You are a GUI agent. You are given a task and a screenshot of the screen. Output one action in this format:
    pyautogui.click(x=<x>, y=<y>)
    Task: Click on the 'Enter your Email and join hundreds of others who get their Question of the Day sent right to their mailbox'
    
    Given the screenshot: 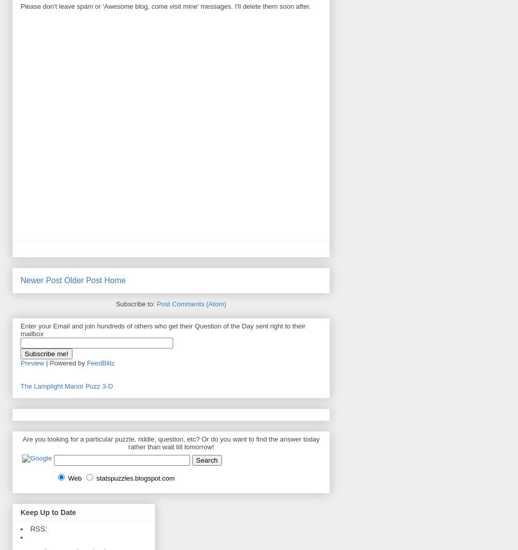 What is the action you would take?
    pyautogui.click(x=163, y=329)
    